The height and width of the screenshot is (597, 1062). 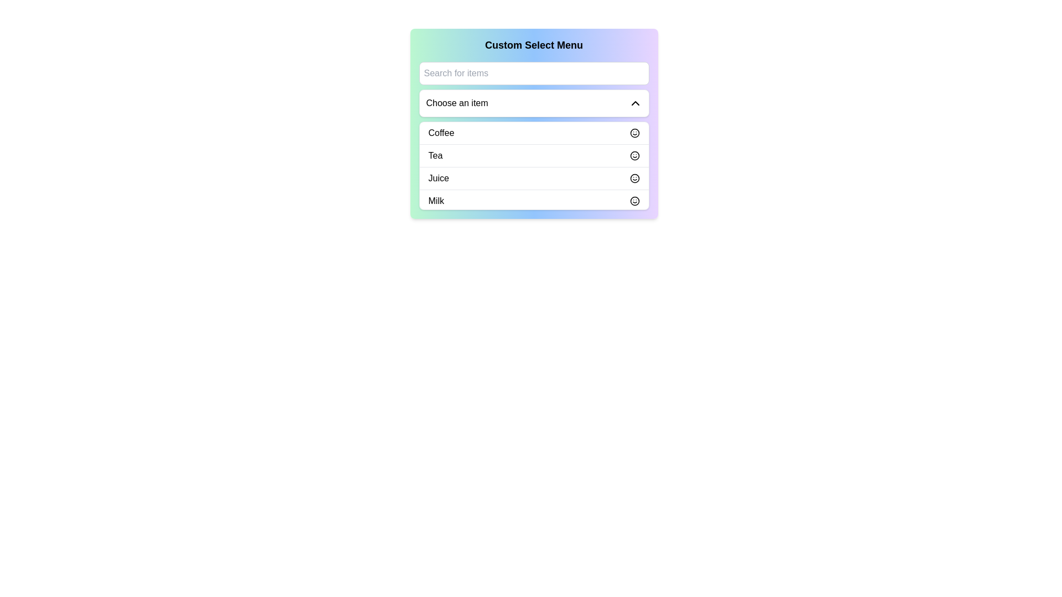 I want to click on the dropdown menu, so click(x=534, y=166).